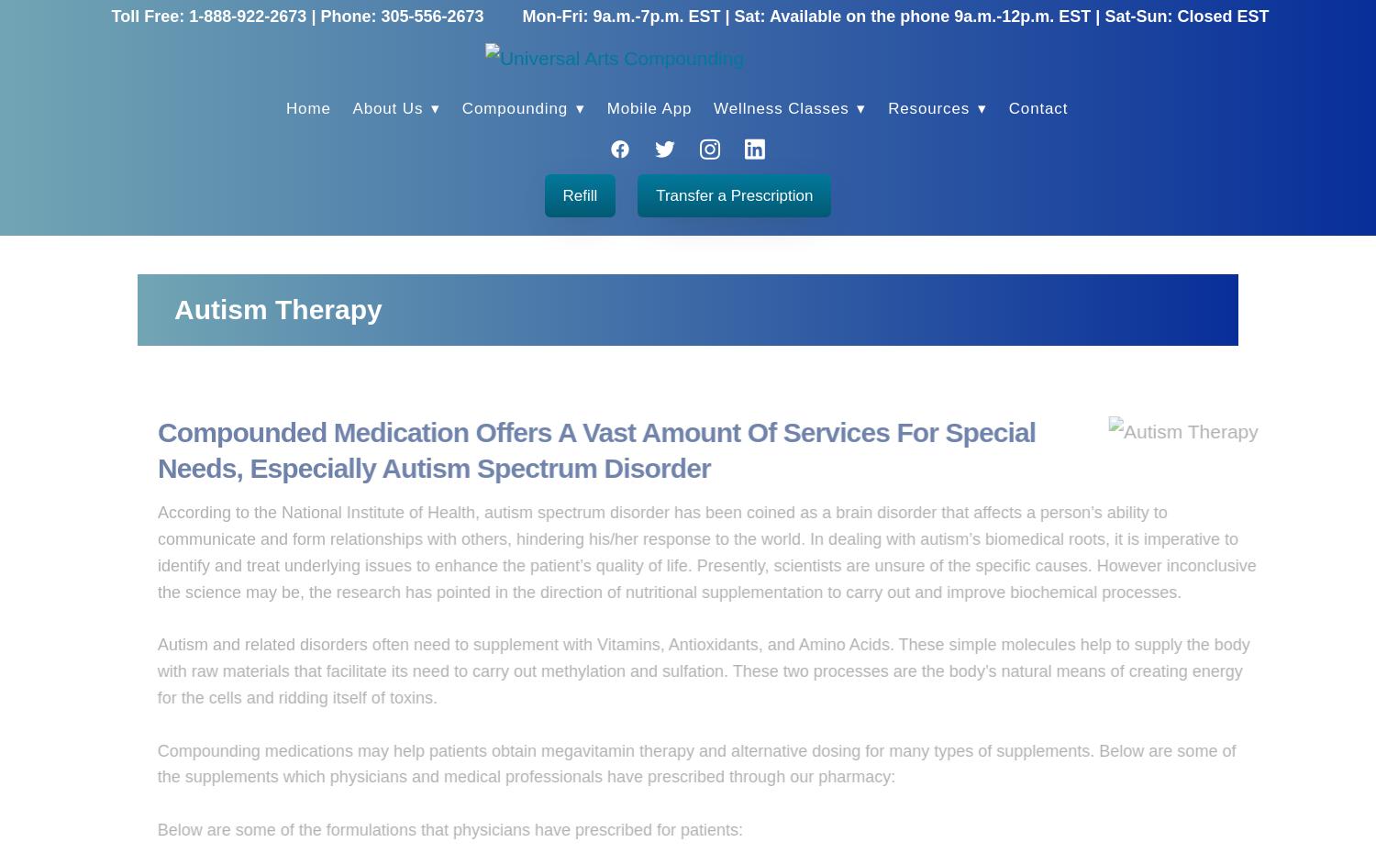 The width and height of the screenshot is (1376, 853). I want to click on 'Autism and related disorders often need to supplement with Vitamins, Antioxidants, and Amino Acids. These simple molecules help to supply the body with raw materials that facilitate its need to carry out methylation and sulfation. These two processes are the body’s natural means of creating energy for the cells and ridding itself of toxins.', so click(682, 671).